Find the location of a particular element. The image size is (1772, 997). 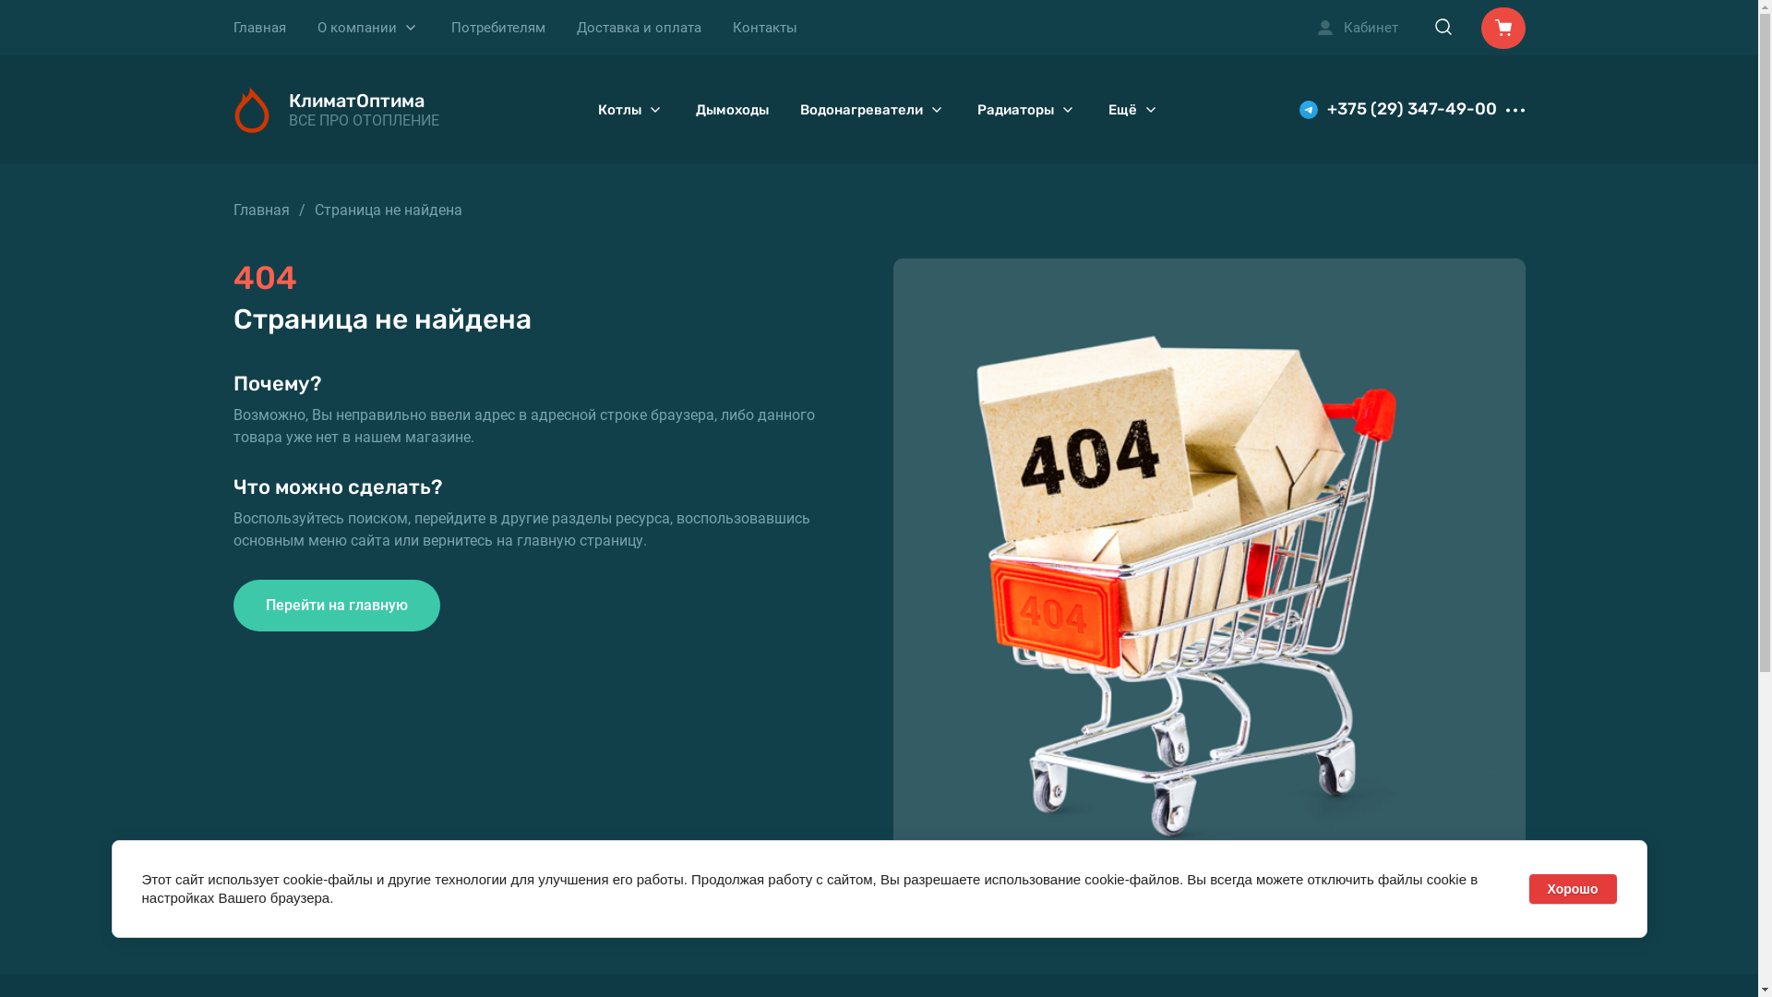

'+375 (29) 347-49-00' is located at coordinates (1411, 110).